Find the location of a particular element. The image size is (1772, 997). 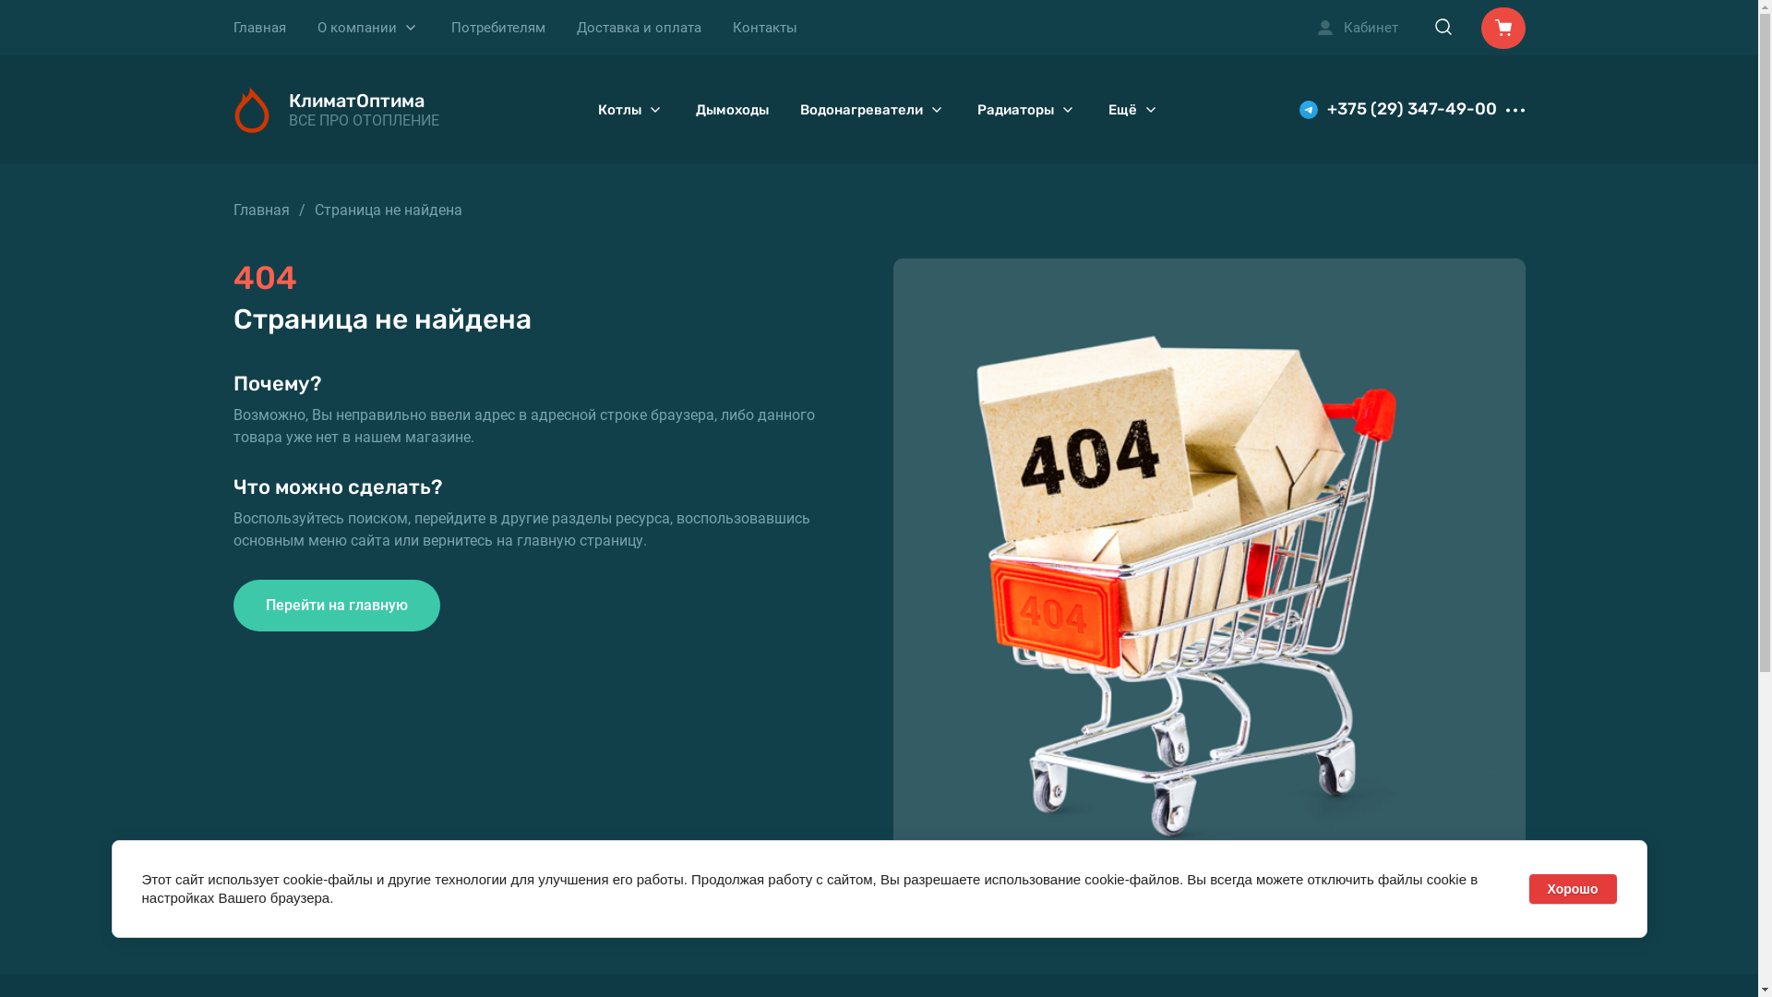

'+375 (29) 347-49-00' is located at coordinates (1411, 110).